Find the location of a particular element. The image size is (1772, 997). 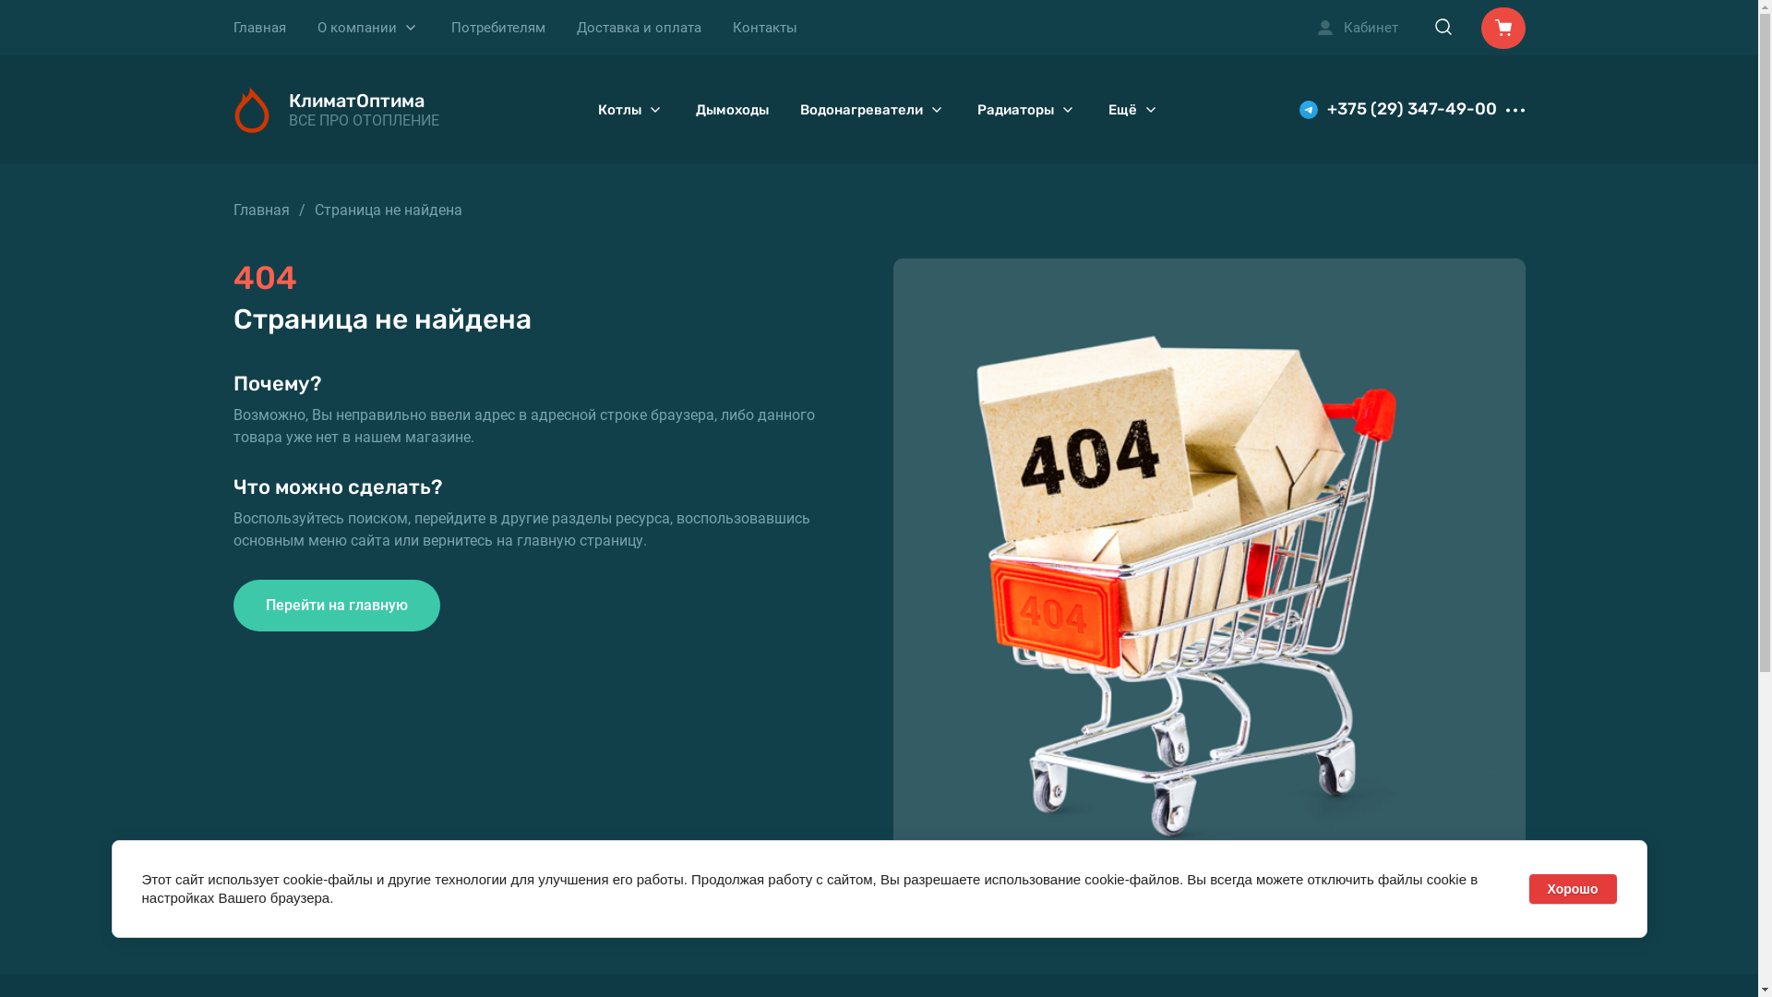

'+375 (29) 347-49-00' is located at coordinates (1411, 110).